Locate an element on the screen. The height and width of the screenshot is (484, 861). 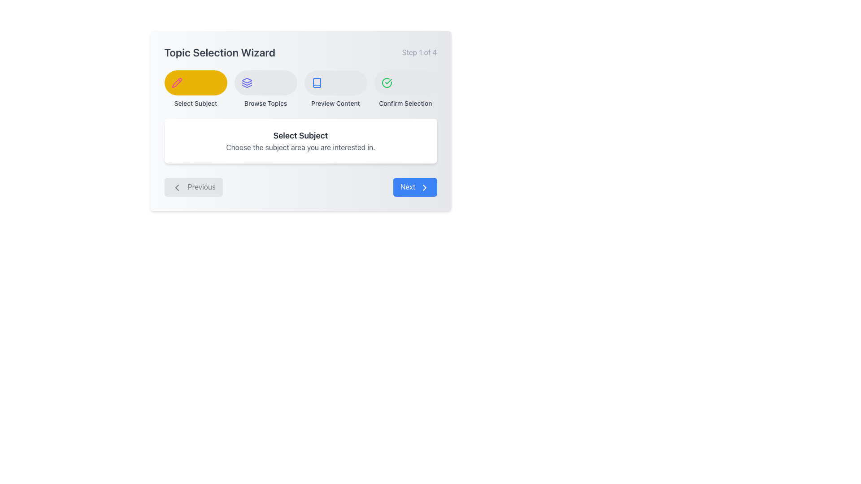
the confirmation icon, which is the fourth tab in a row of icons at the top of the card interface is located at coordinates (387, 83).